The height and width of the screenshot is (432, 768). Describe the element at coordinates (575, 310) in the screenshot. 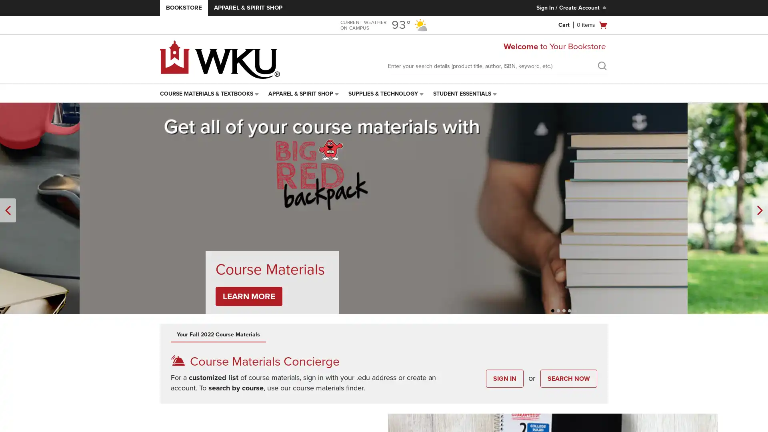

I see `Unselected, Slide 5` at that location.